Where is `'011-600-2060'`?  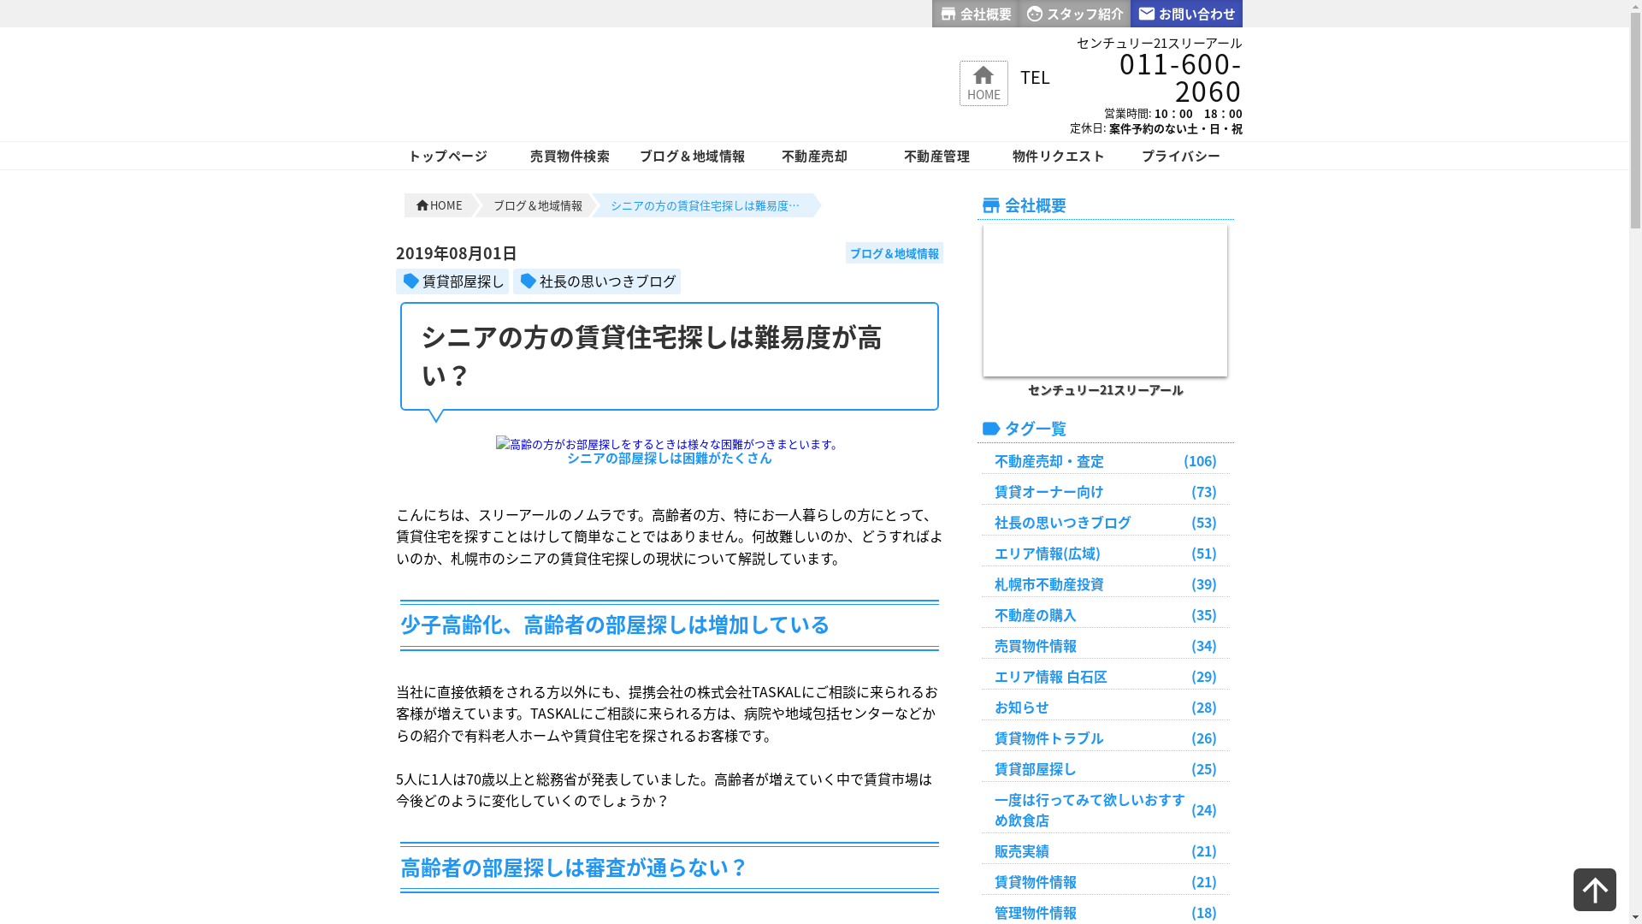
'011-600-2060' is located at coordinates (1146, 75).